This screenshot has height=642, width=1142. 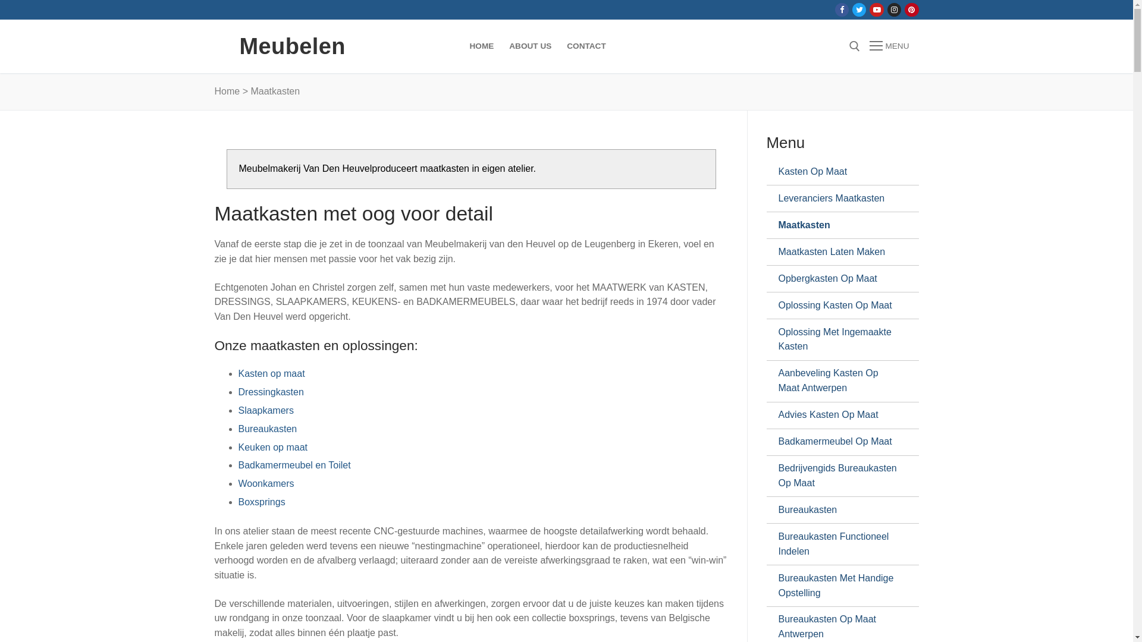 I want to click on 'MENU', so click(x=889, y=45).